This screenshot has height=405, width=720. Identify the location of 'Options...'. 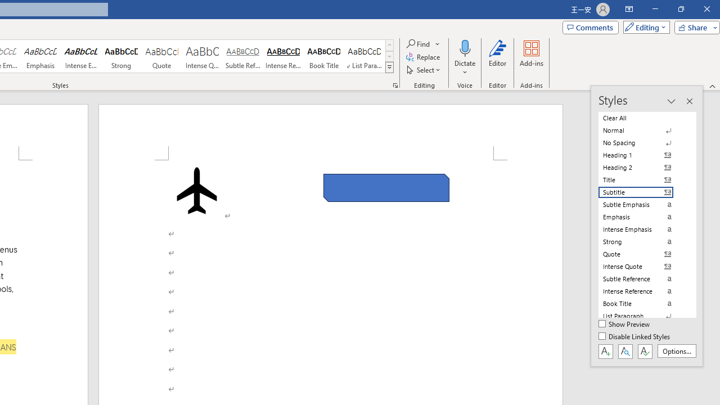
(676, 350).